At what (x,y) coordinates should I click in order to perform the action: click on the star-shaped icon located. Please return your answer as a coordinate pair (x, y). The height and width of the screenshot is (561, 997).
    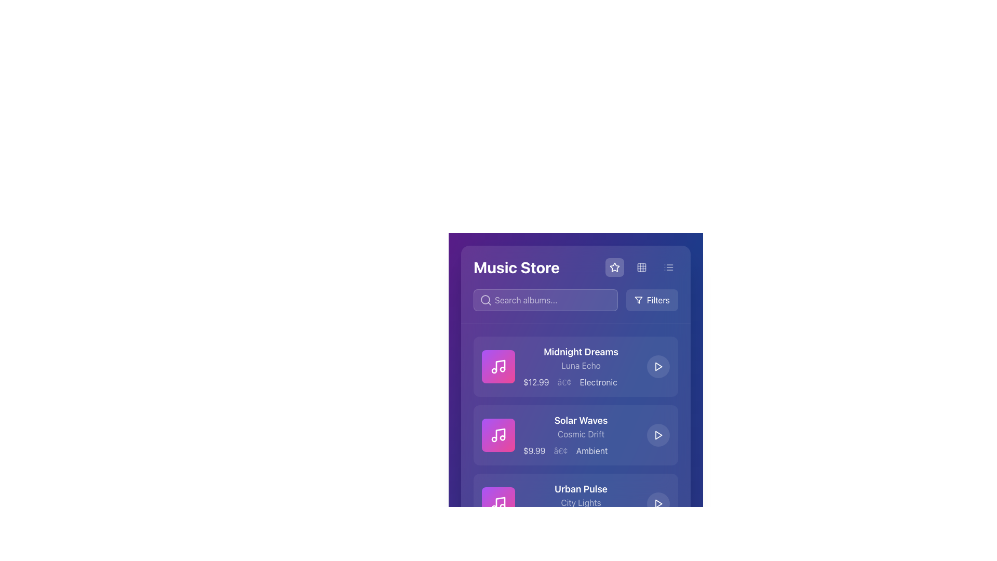
    Looking at the image, I should click on (615, 267).